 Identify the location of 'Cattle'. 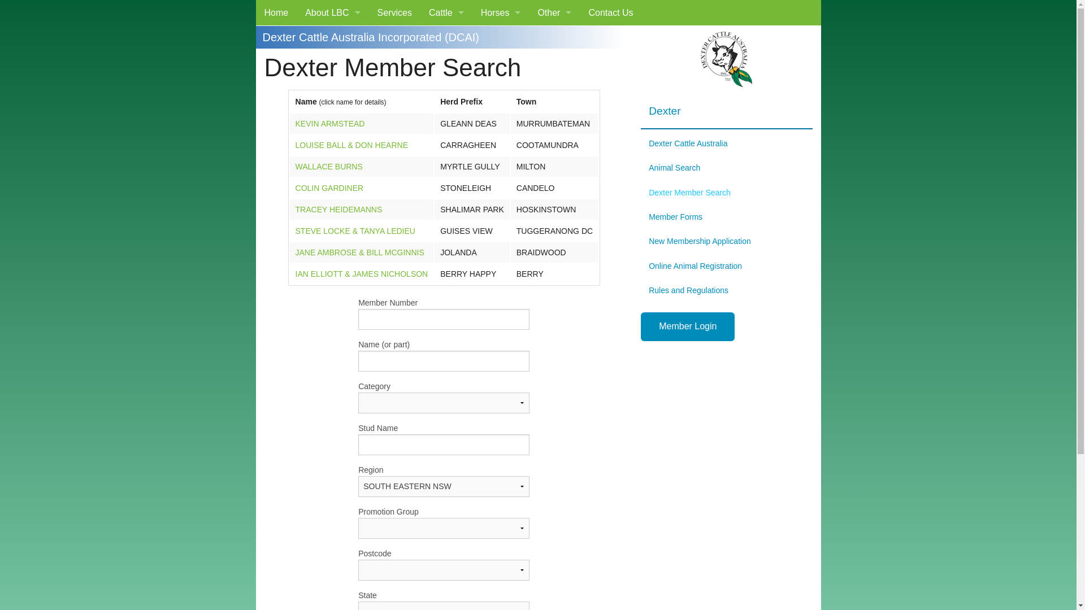
(446, 12).